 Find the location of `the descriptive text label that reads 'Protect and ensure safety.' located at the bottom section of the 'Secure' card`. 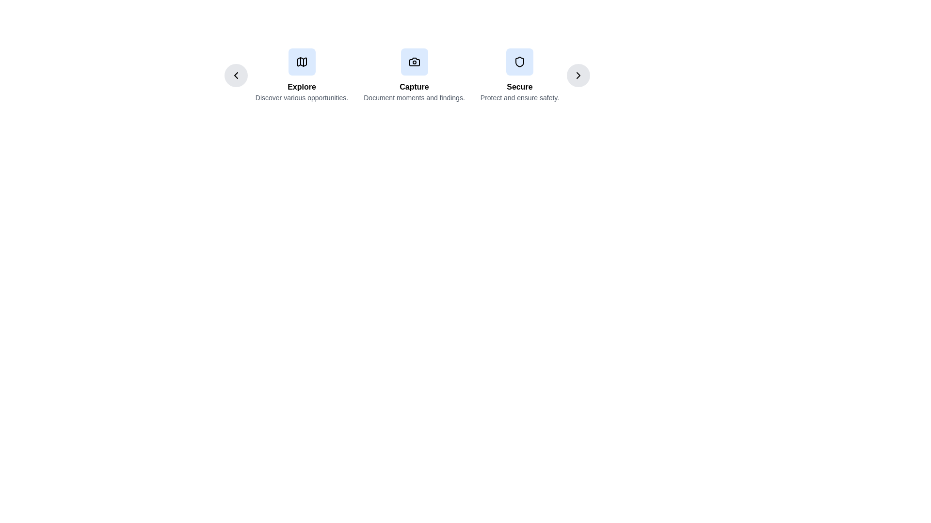

the descriptive text label that reads 'Protect and ensure safety.' located at the bottom section of the 'Secure' card is located at coordinates (519, 97).